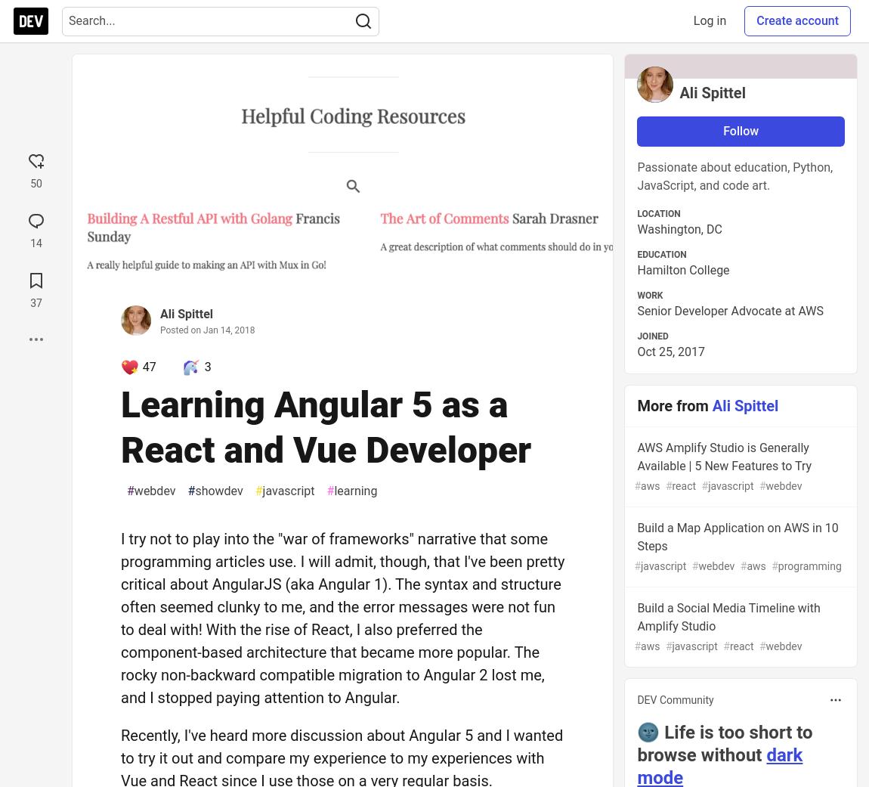 The width and height of the screenshot is (869, 787). I want to click on 'Senior Developer Advocate at AWS', so click(730, 311).